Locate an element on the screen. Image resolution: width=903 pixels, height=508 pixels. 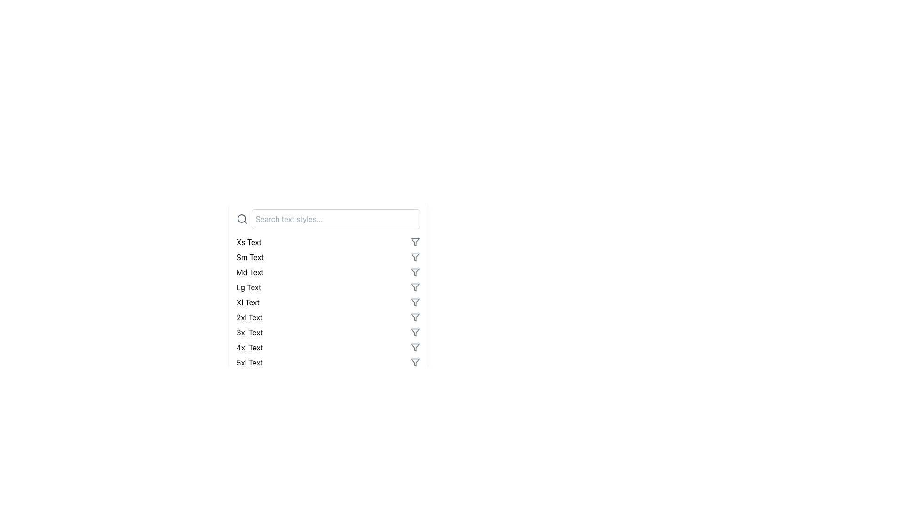
the filter icon located to the right of the '4xl Text' label is located at coordinates (415, 348).